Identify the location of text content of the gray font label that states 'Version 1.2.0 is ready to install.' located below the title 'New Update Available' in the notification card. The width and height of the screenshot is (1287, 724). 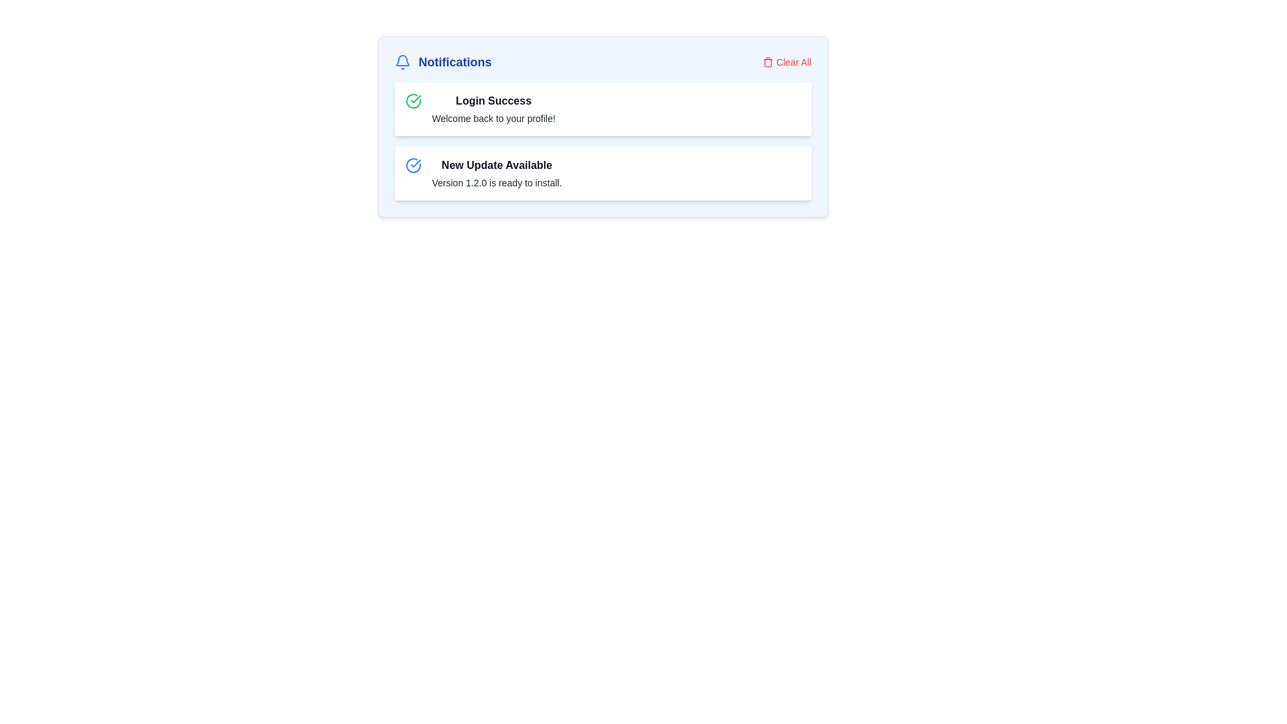
(496, 183).